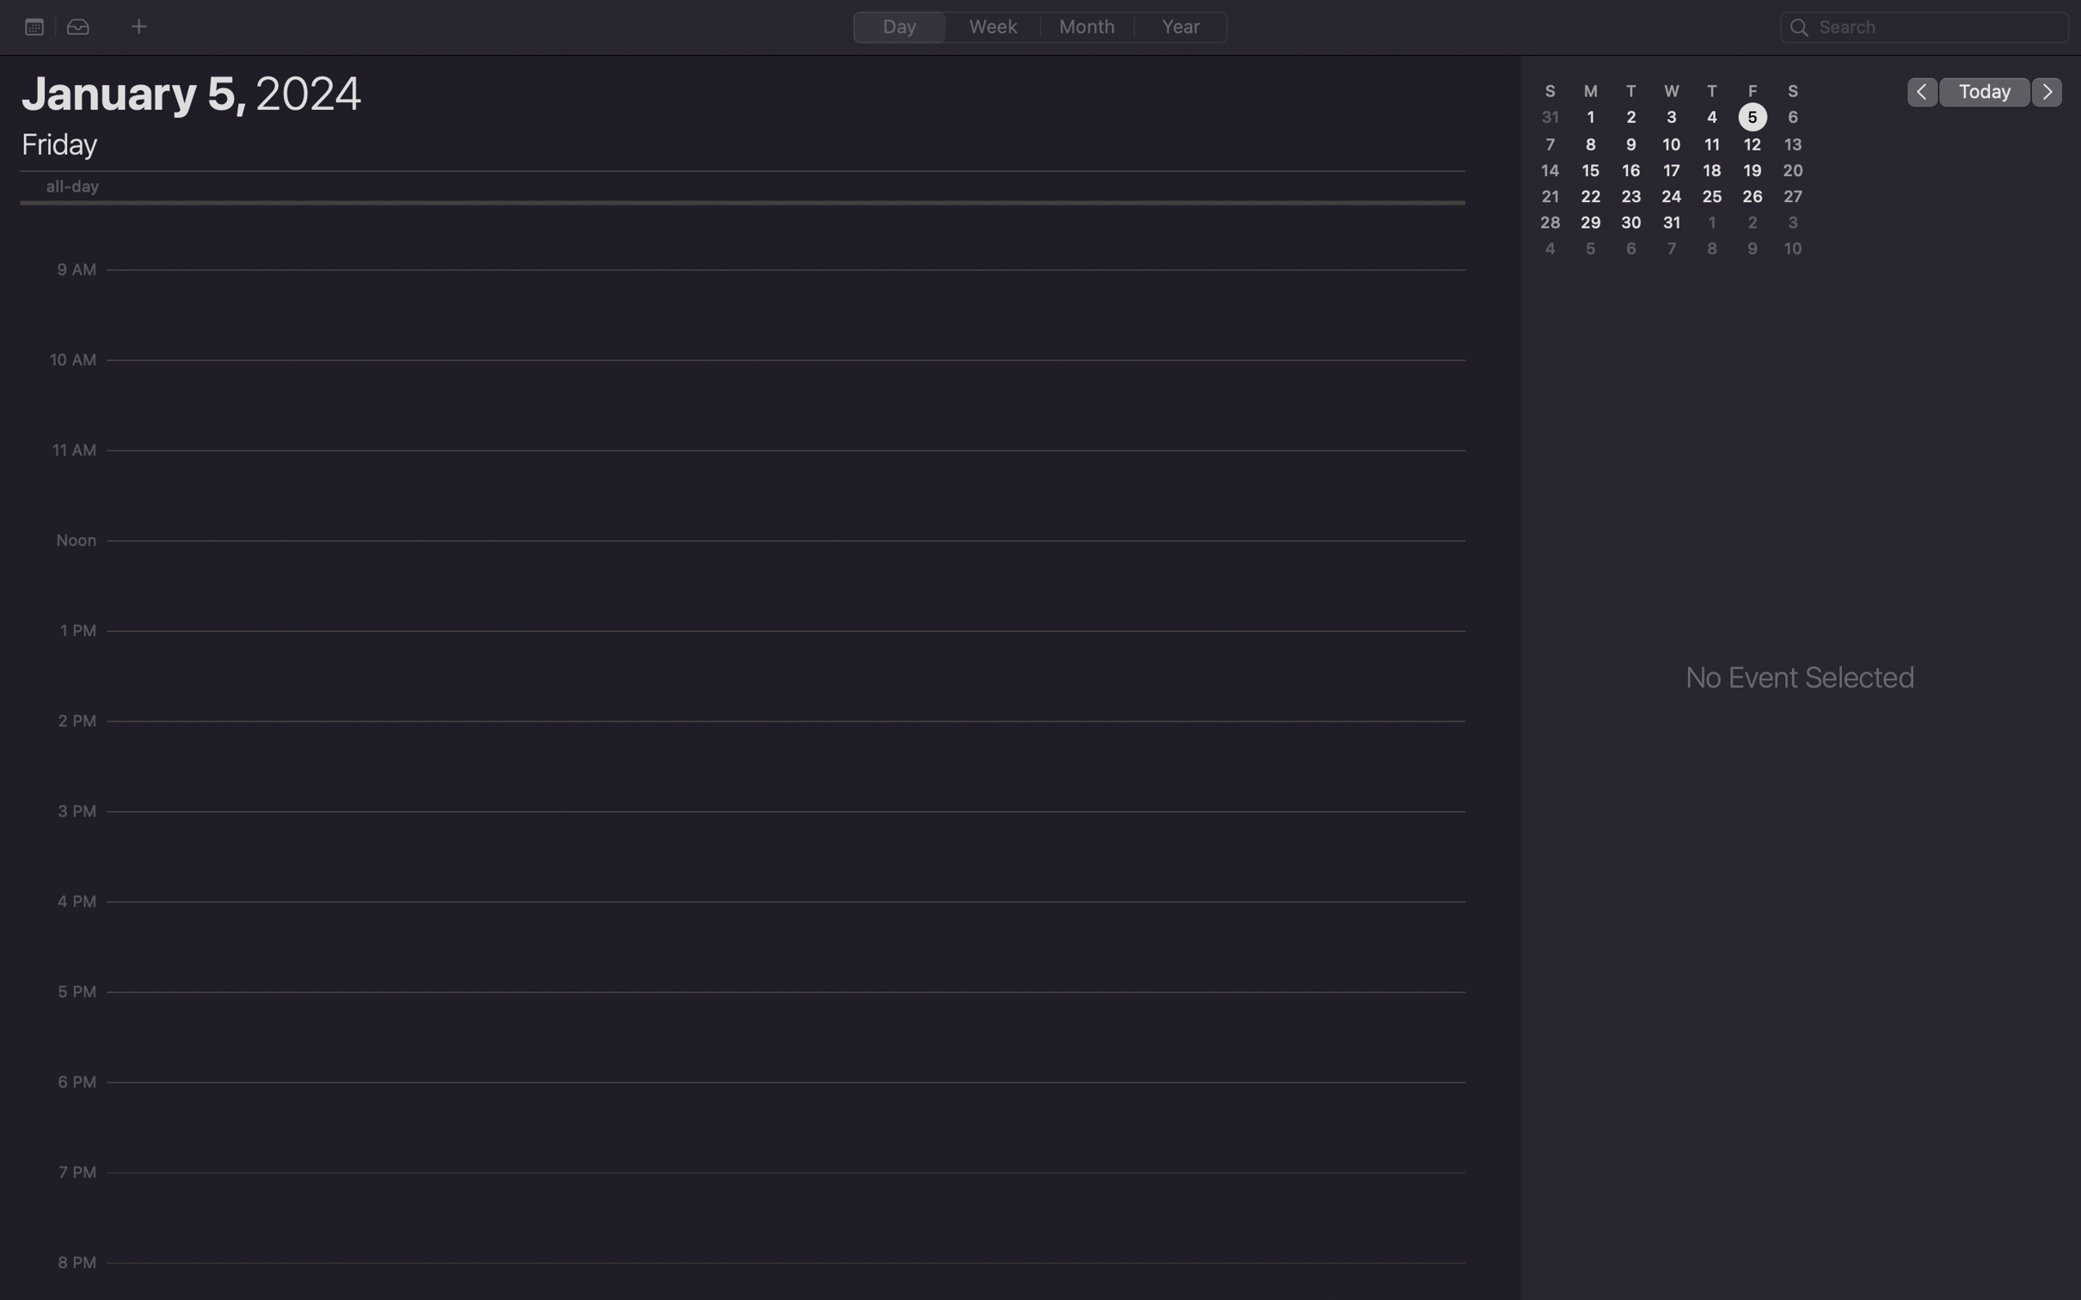  Describe the element at coordinates (993, 26) in the screenshot. I see `the "week" tab on the calendar` at that location.